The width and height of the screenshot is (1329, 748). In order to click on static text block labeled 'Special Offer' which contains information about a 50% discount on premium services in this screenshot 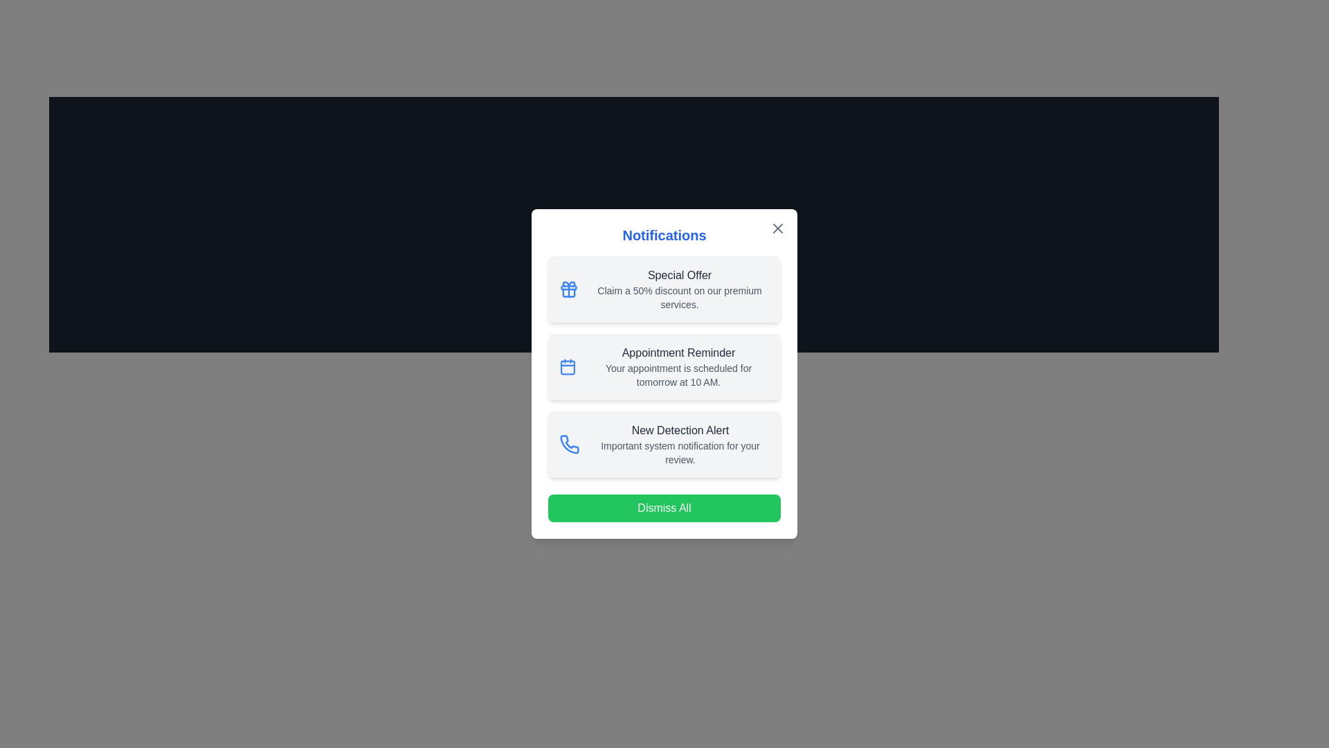, I will do `click(680, 288)`.